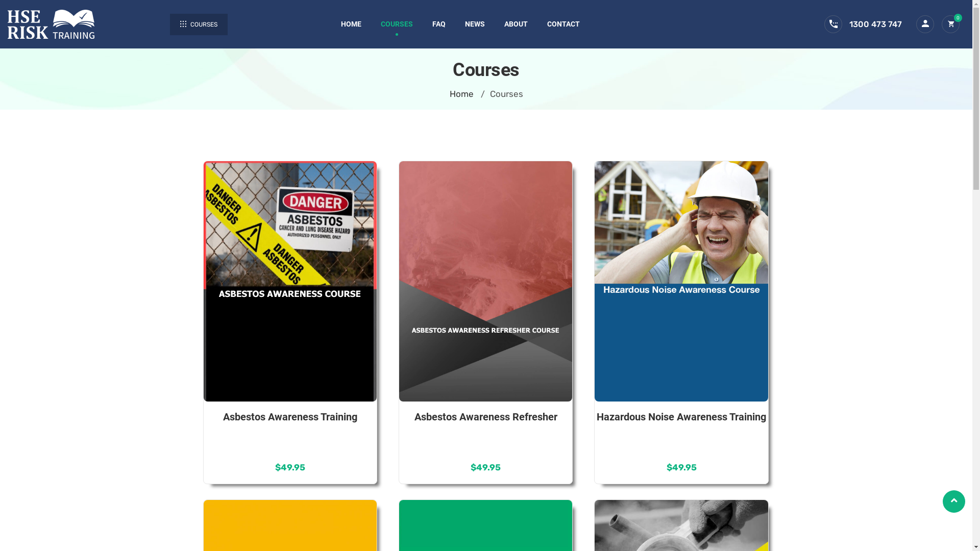  What do you see at coordinates (460, 94) in the screenshot?
I see `'Home'` at bounding box center [460, 94].